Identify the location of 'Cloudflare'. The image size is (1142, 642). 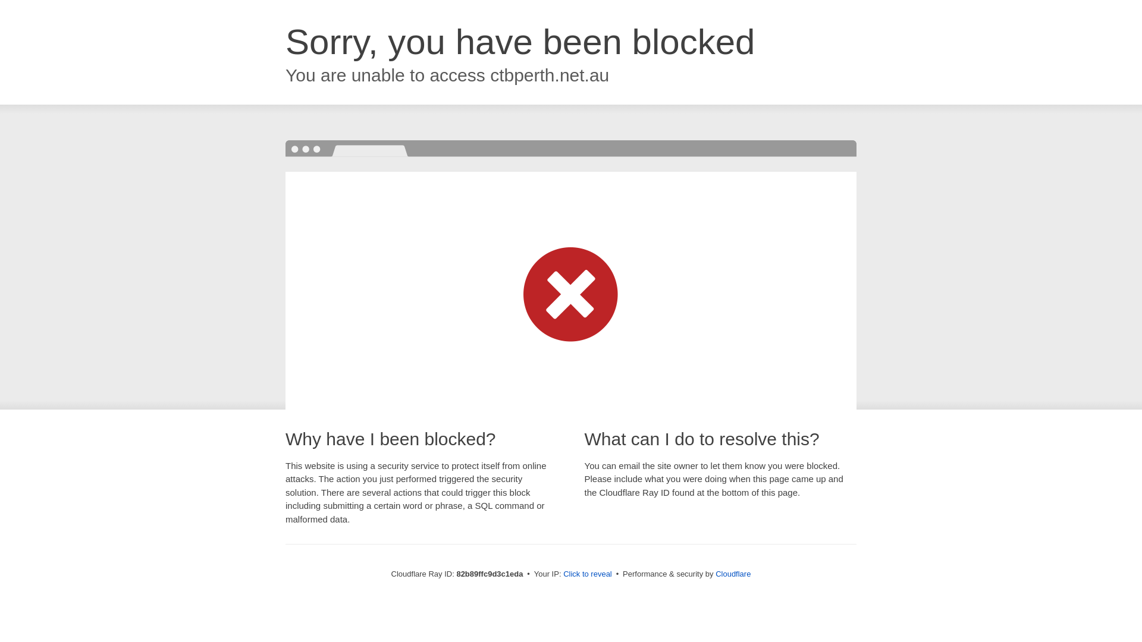
(732, 573).